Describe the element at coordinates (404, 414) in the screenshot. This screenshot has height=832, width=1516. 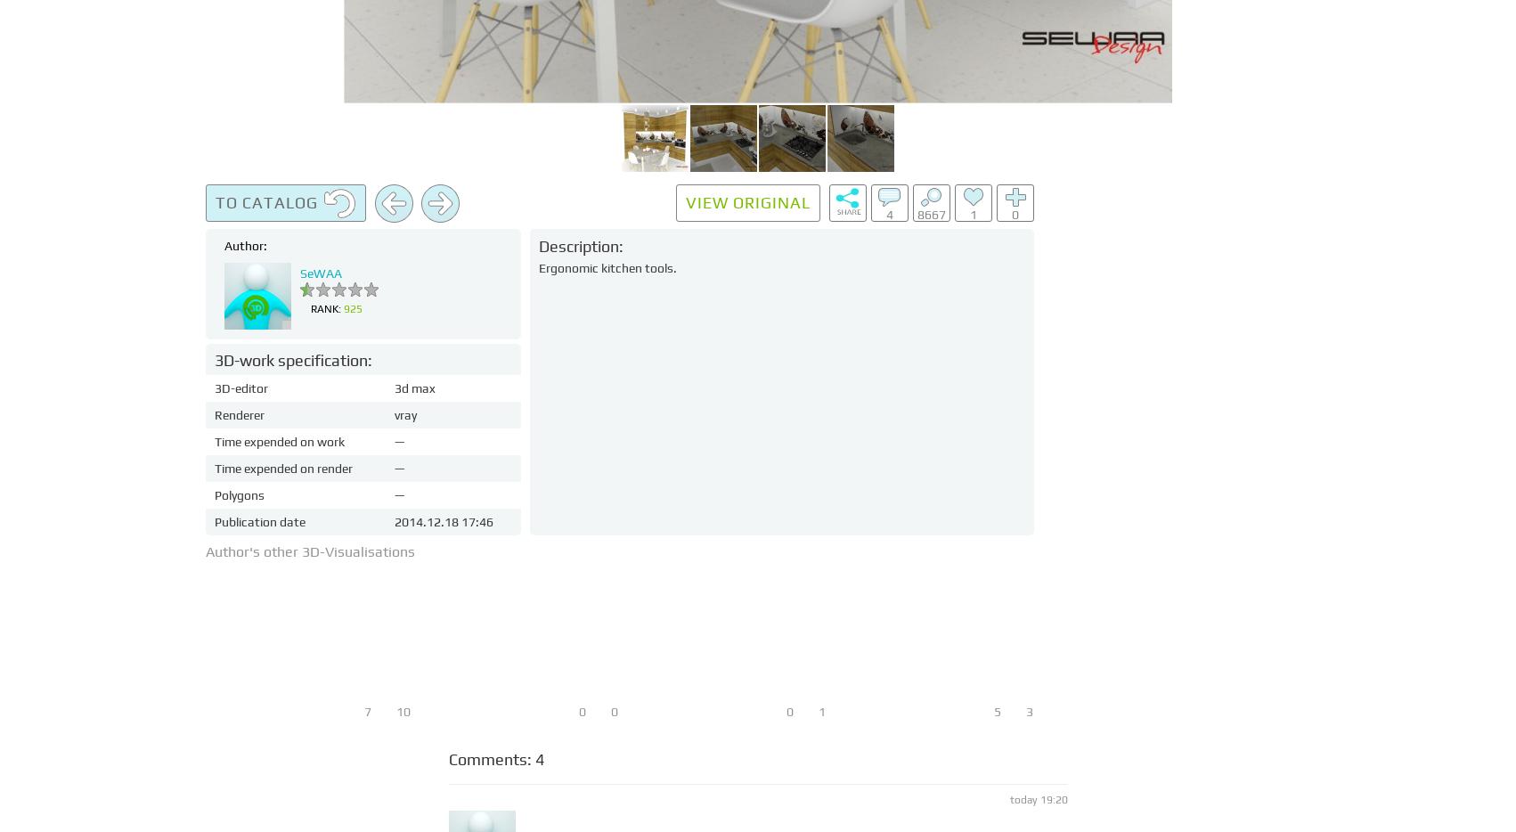
I see `'vray'` at that location.